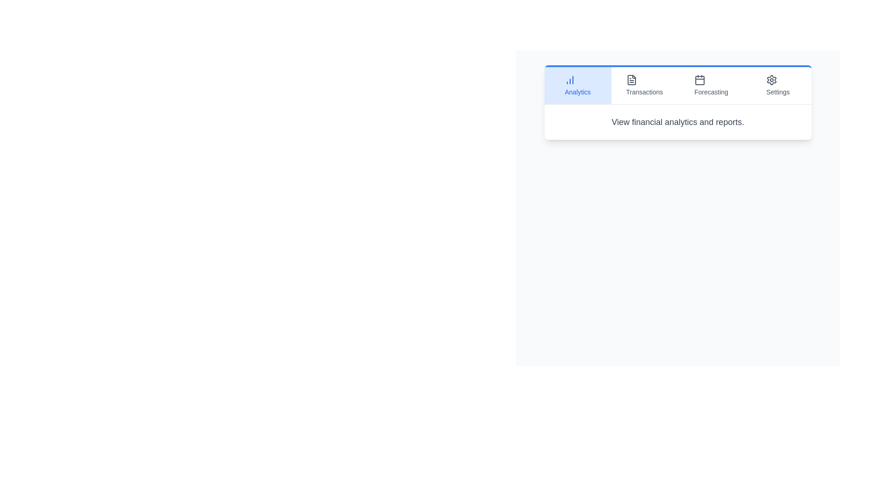 Image resolution: width=890 pixels, height=500 pixels. I want to click on the tab labeled Forecasting, so click(711, 86).